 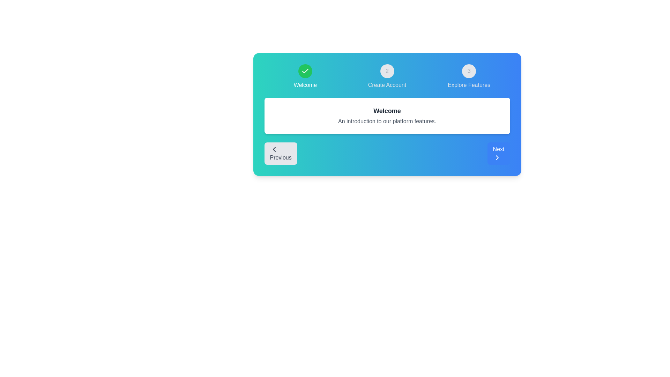 What do you see at coordinates (498, 153) in the screenshot?
I see `Next button to navigate to the Next step` at bounding box center [498, 153].